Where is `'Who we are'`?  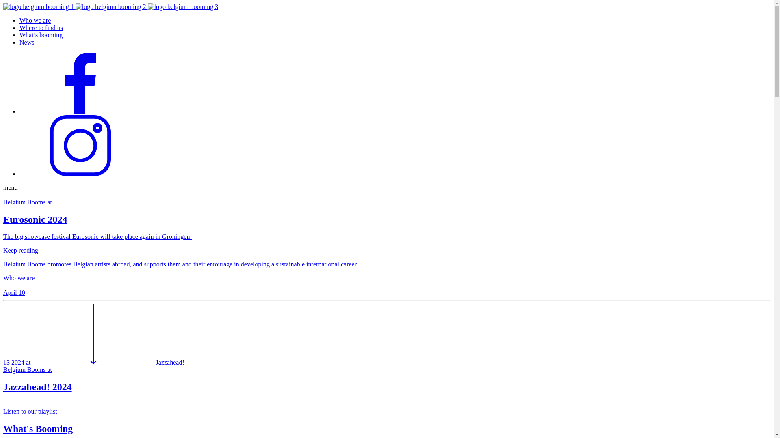 'Who we are' is located at coordinates (35, 20).